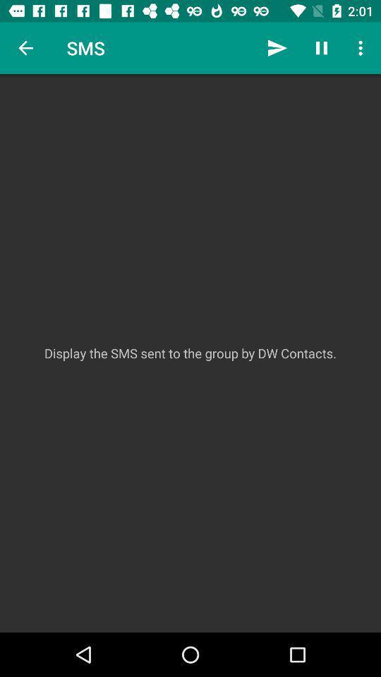 Image resolution: width=381 pixels, height=677 pixels. What do you see at coordinates (321, 48) in the screenshot?
I see `the item above the display the sms` at bounding box center [321, 48].